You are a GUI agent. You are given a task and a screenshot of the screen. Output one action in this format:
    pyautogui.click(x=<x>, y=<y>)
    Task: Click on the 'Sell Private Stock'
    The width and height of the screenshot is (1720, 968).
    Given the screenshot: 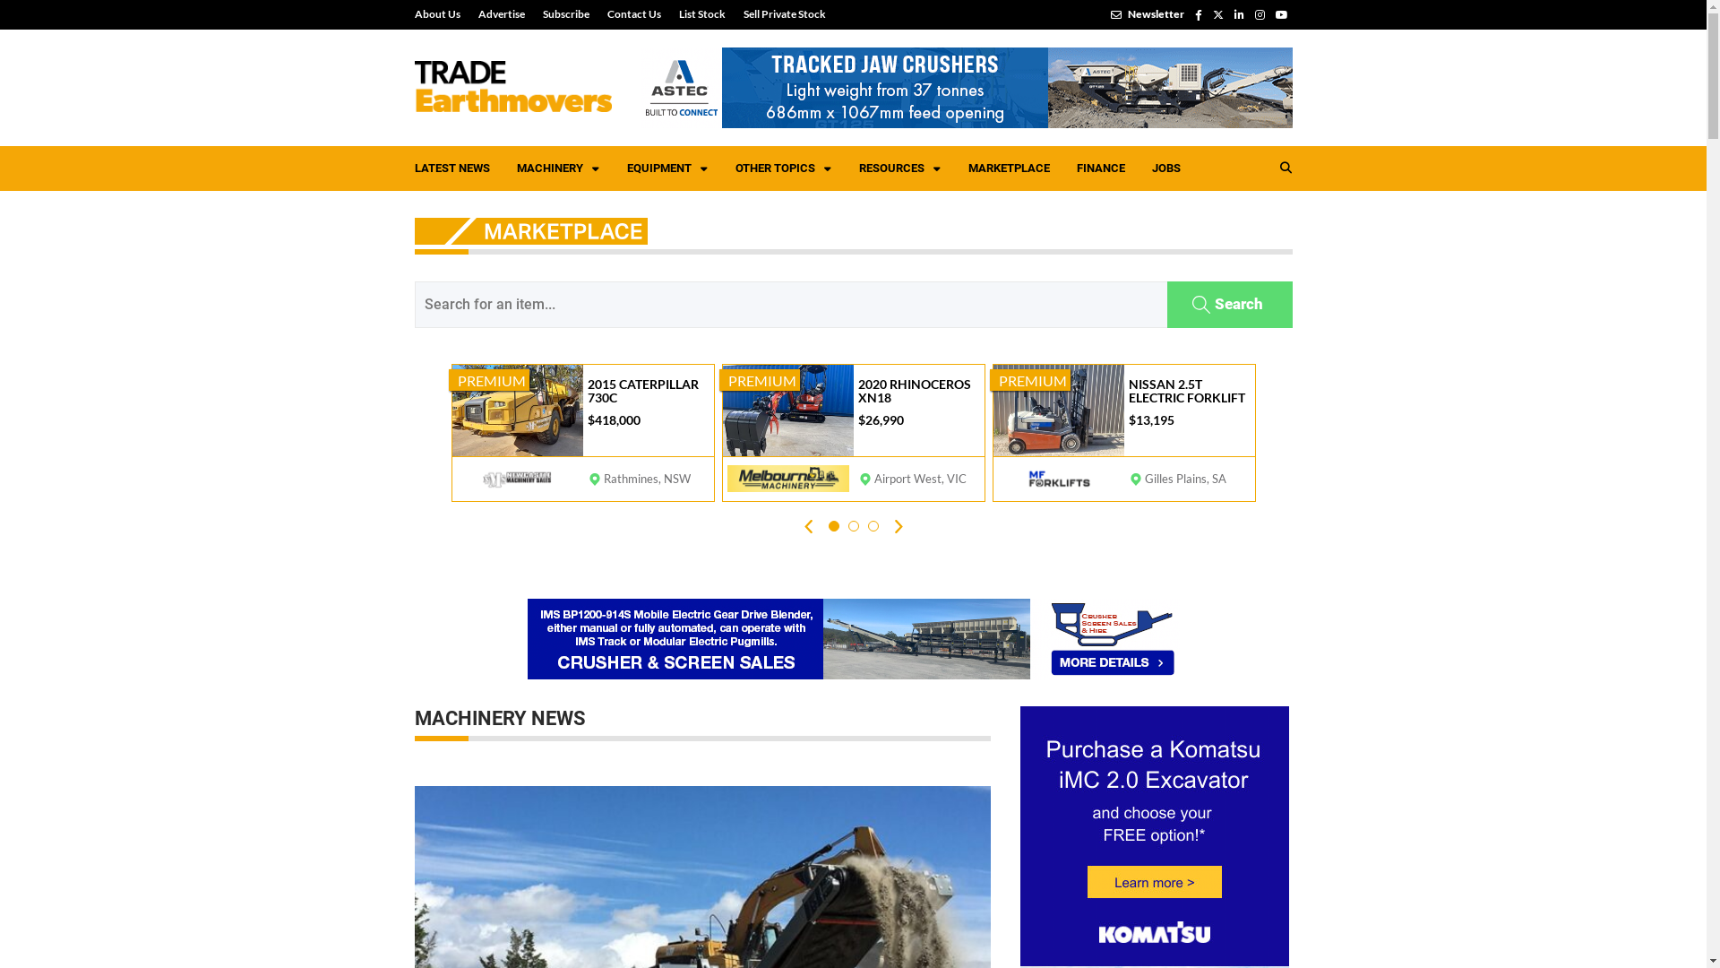 What is the action you would take?
    pyautogui.click(x=779, y=13)
    